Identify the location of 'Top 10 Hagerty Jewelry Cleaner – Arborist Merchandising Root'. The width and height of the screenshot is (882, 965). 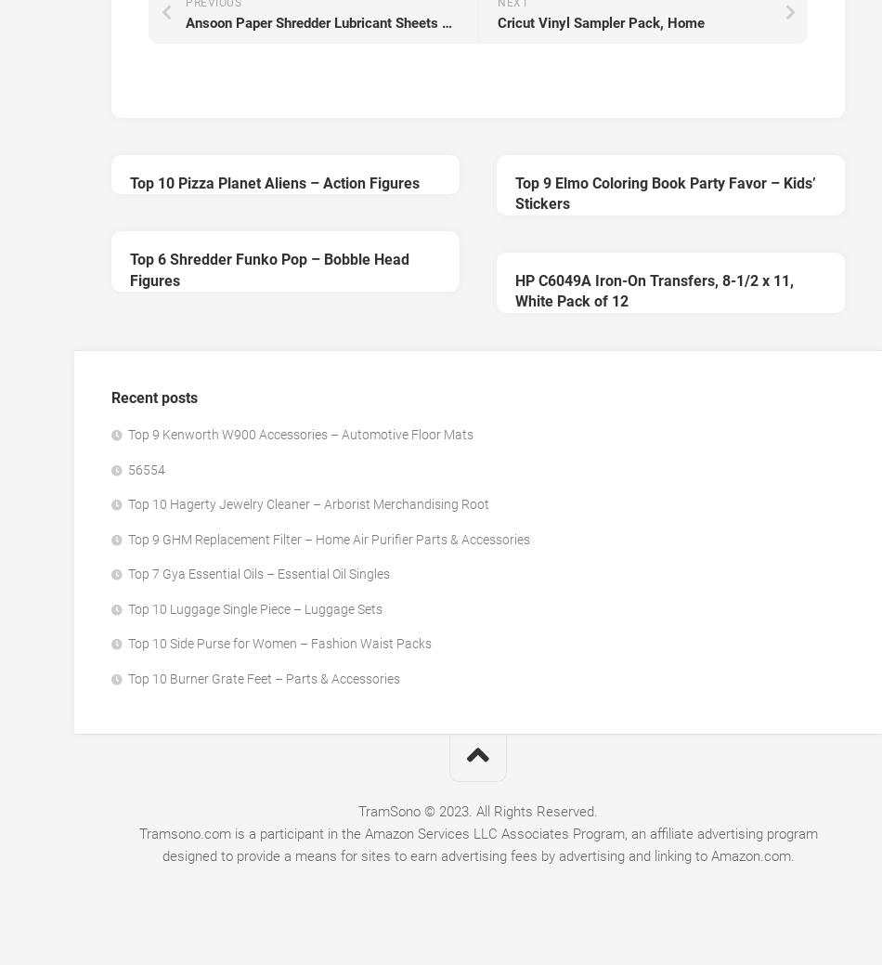
(128, 503).